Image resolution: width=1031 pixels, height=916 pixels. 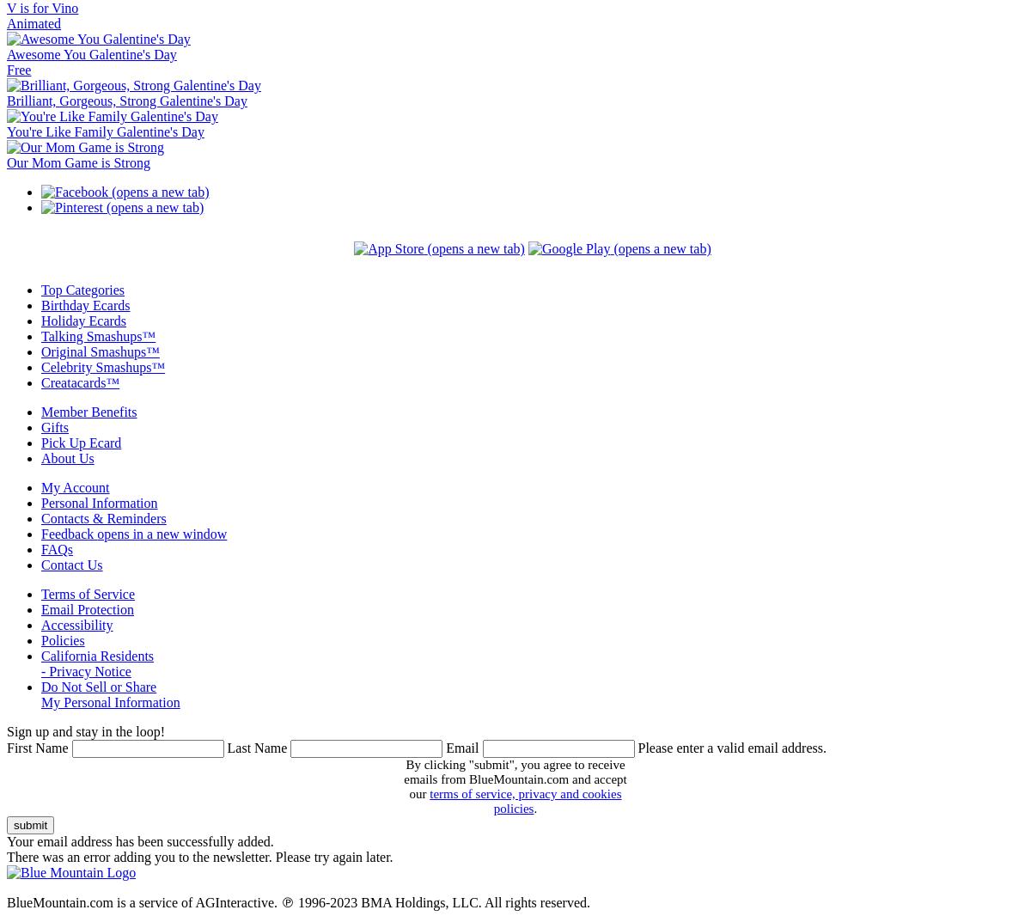 I want to click on '.', so click(x=535, y=808).